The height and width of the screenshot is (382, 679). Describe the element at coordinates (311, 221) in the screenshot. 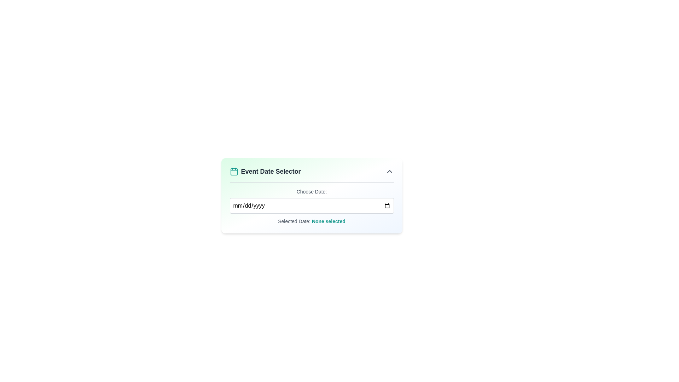

I see `the Text Label that indicates the status of the date selection, which initially states that no date has been selected` at that location.